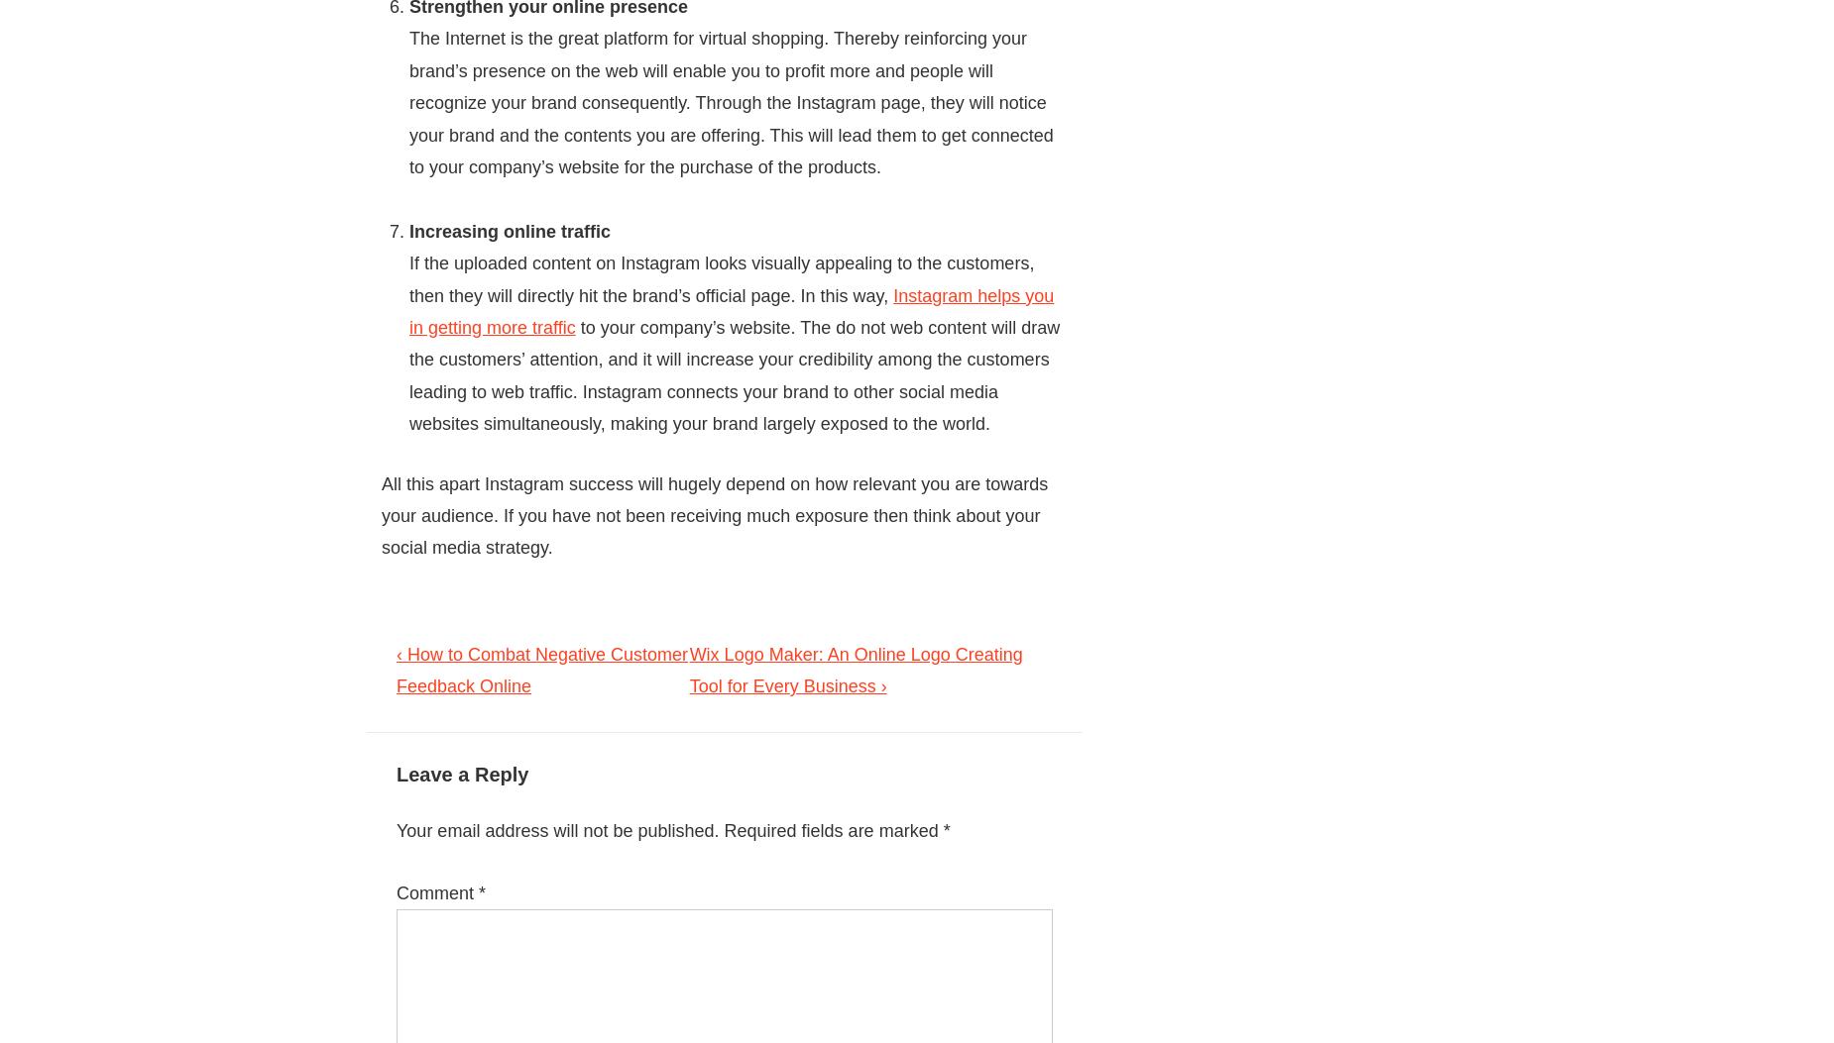 The height and width of the screenshot is (1043, 1834). What do you see at coordinates (462, 774) in the screenshot?
I see `'Leave a Reply'` at bounding box center [462, 774].